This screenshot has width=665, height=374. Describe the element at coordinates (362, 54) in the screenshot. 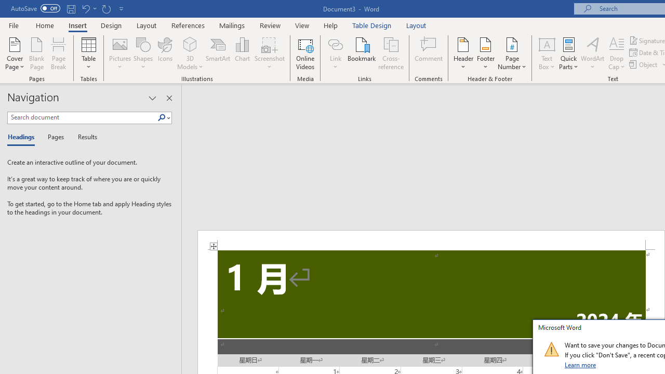

I see `'Bookmark...'` at that location.